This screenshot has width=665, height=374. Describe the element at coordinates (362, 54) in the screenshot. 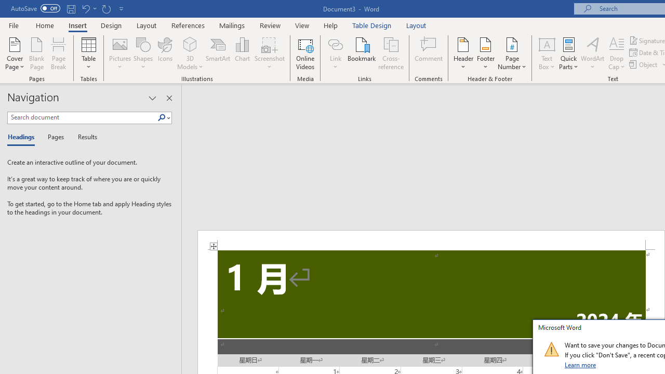

I see `'Bookmark...'` at that location.